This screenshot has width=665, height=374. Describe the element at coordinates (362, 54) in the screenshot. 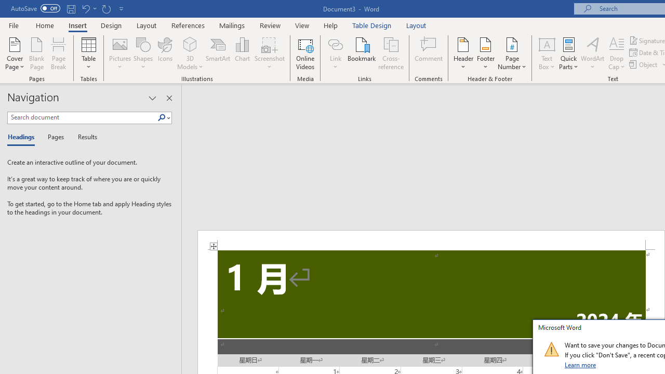

I see `'Bookmark...'` at that location.